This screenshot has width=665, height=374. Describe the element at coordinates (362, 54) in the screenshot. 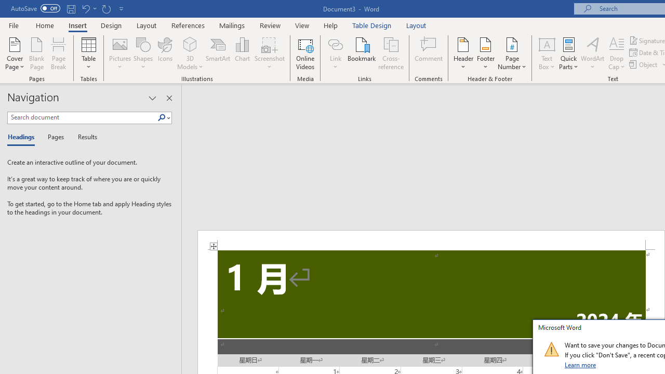

I see `'Bookmark...'` at that location.